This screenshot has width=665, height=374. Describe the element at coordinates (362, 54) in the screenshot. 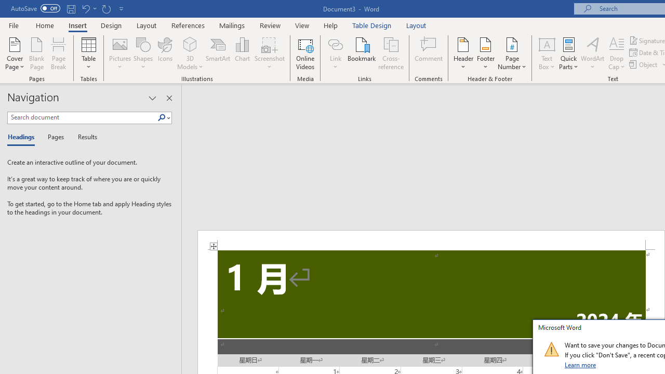

I see `'Bookmark...'` at that location.